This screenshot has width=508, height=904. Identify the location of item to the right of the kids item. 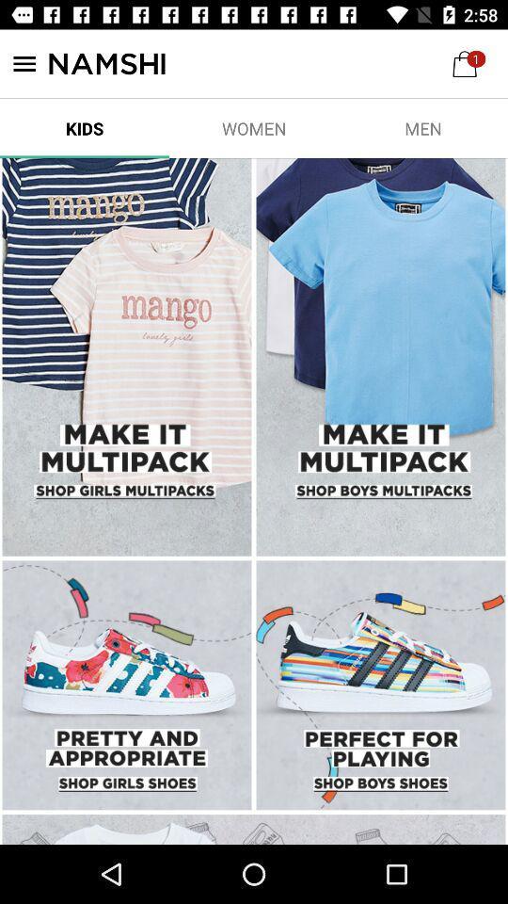
(254, 127).